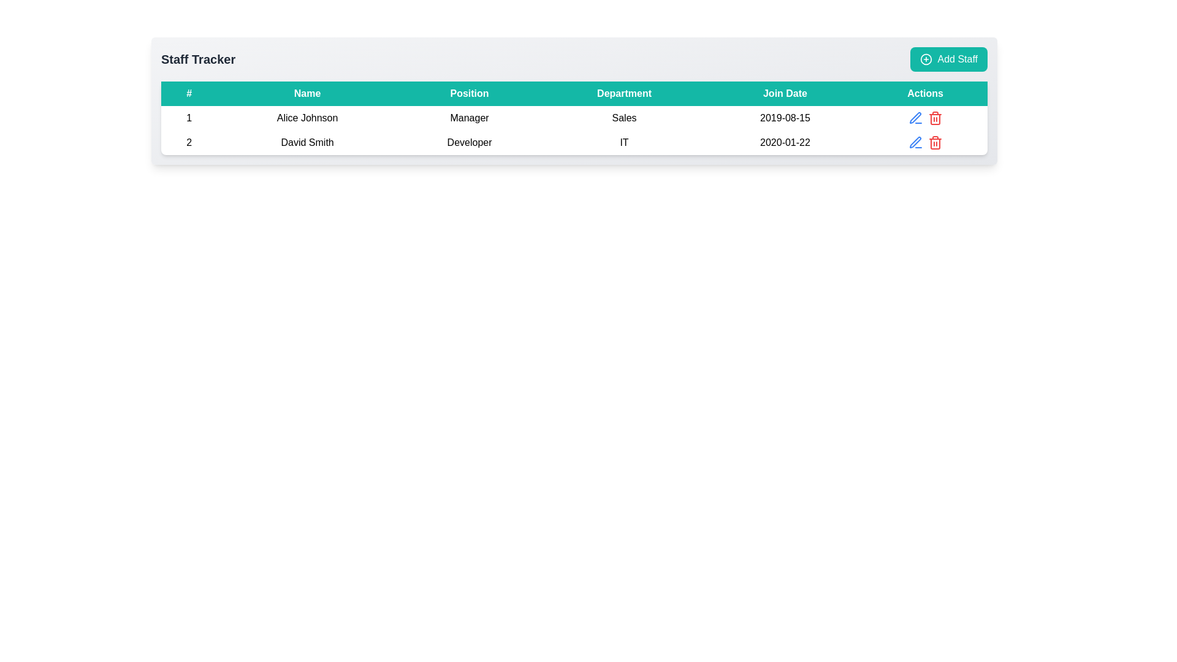 This screenshot has height=662, width=1177. Describe the element at coordinates (915, 142) in the screenshot. I see `the edit icon button located in the Actions column of the second row of the table` at that location.